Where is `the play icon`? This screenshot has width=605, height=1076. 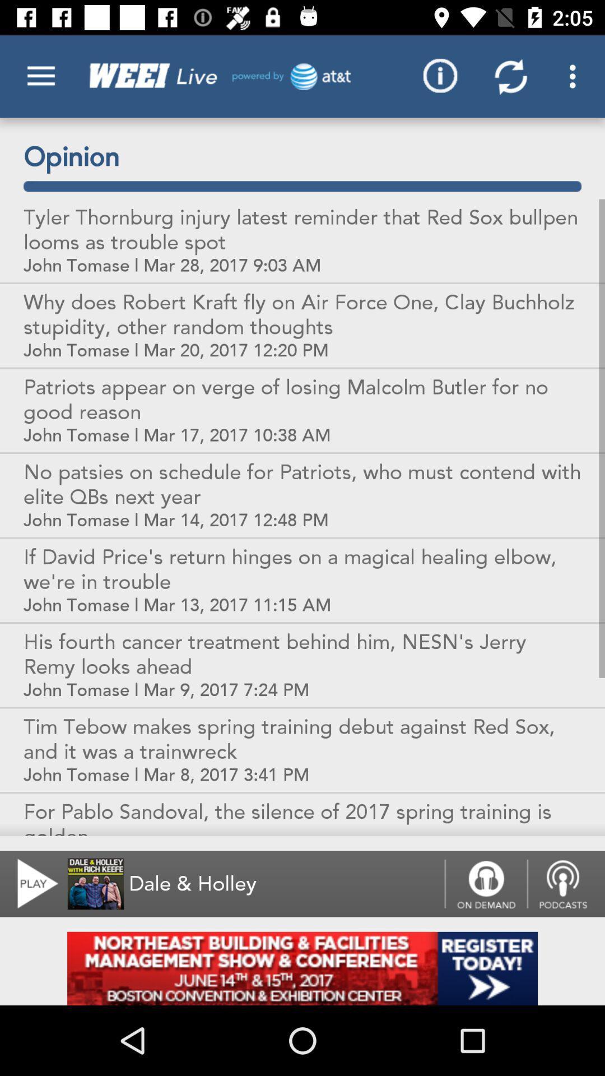 the play icon is located at coordinates (30, 883).